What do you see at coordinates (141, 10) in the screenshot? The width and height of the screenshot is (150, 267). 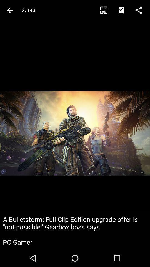 I see `this is the function button that allows you to share what you are looking at with other people` at bounding box center [141, 10].